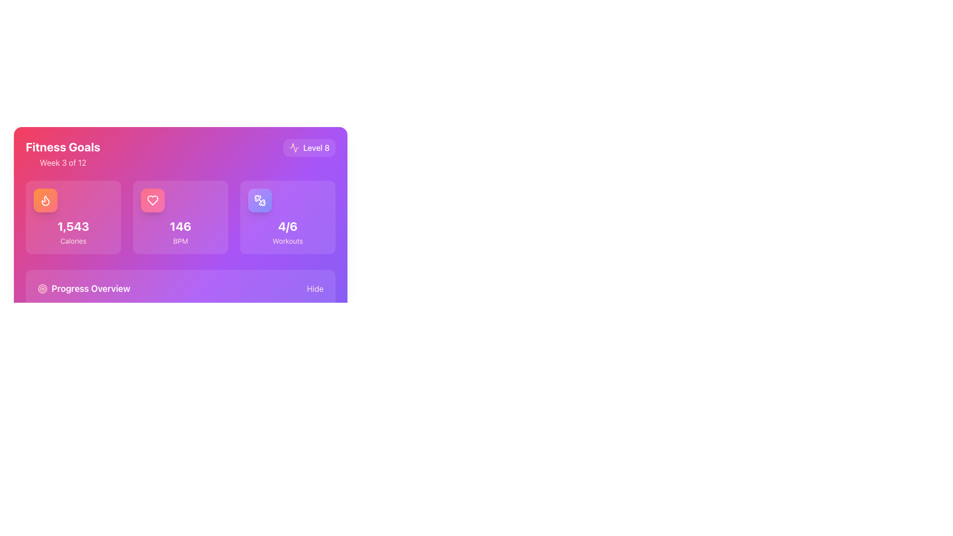 The image size is (953, 536). I want to click on the flame outline icon within the SVG located on the leftmost card of the interface's top row, above the label '1,543 Calories.', so click(45, 201).